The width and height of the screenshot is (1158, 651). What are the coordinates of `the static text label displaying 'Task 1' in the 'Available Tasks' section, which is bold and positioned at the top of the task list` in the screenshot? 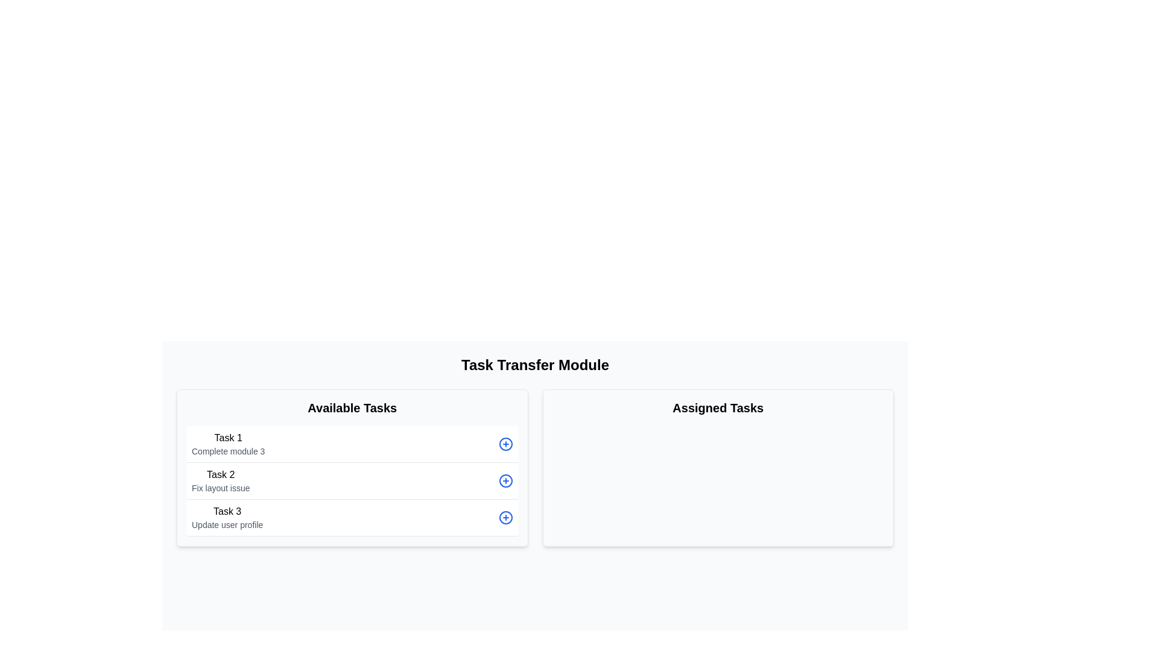 It's located at (228, 438).